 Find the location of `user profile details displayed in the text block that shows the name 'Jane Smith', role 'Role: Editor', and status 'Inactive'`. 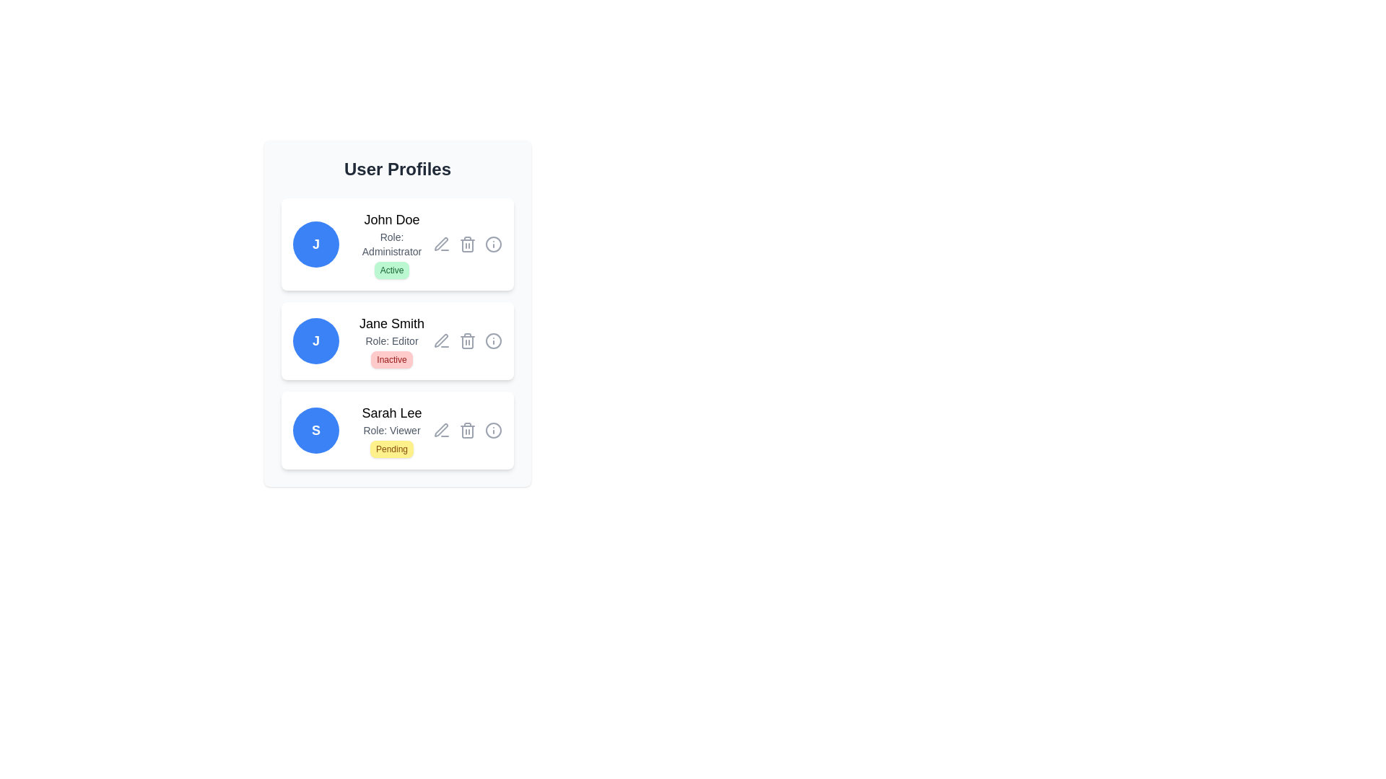

user profile details displayed in the text block that shows the name 'Jane Smith', role 'Role: Editor', and status 'Inactive' is located at coordinates (391, 341).